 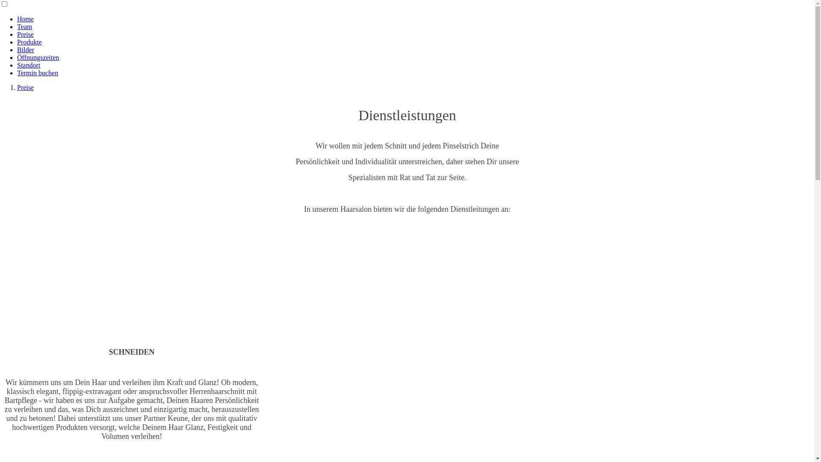 I want to click on 'Preise', so click(x=25, y=34).